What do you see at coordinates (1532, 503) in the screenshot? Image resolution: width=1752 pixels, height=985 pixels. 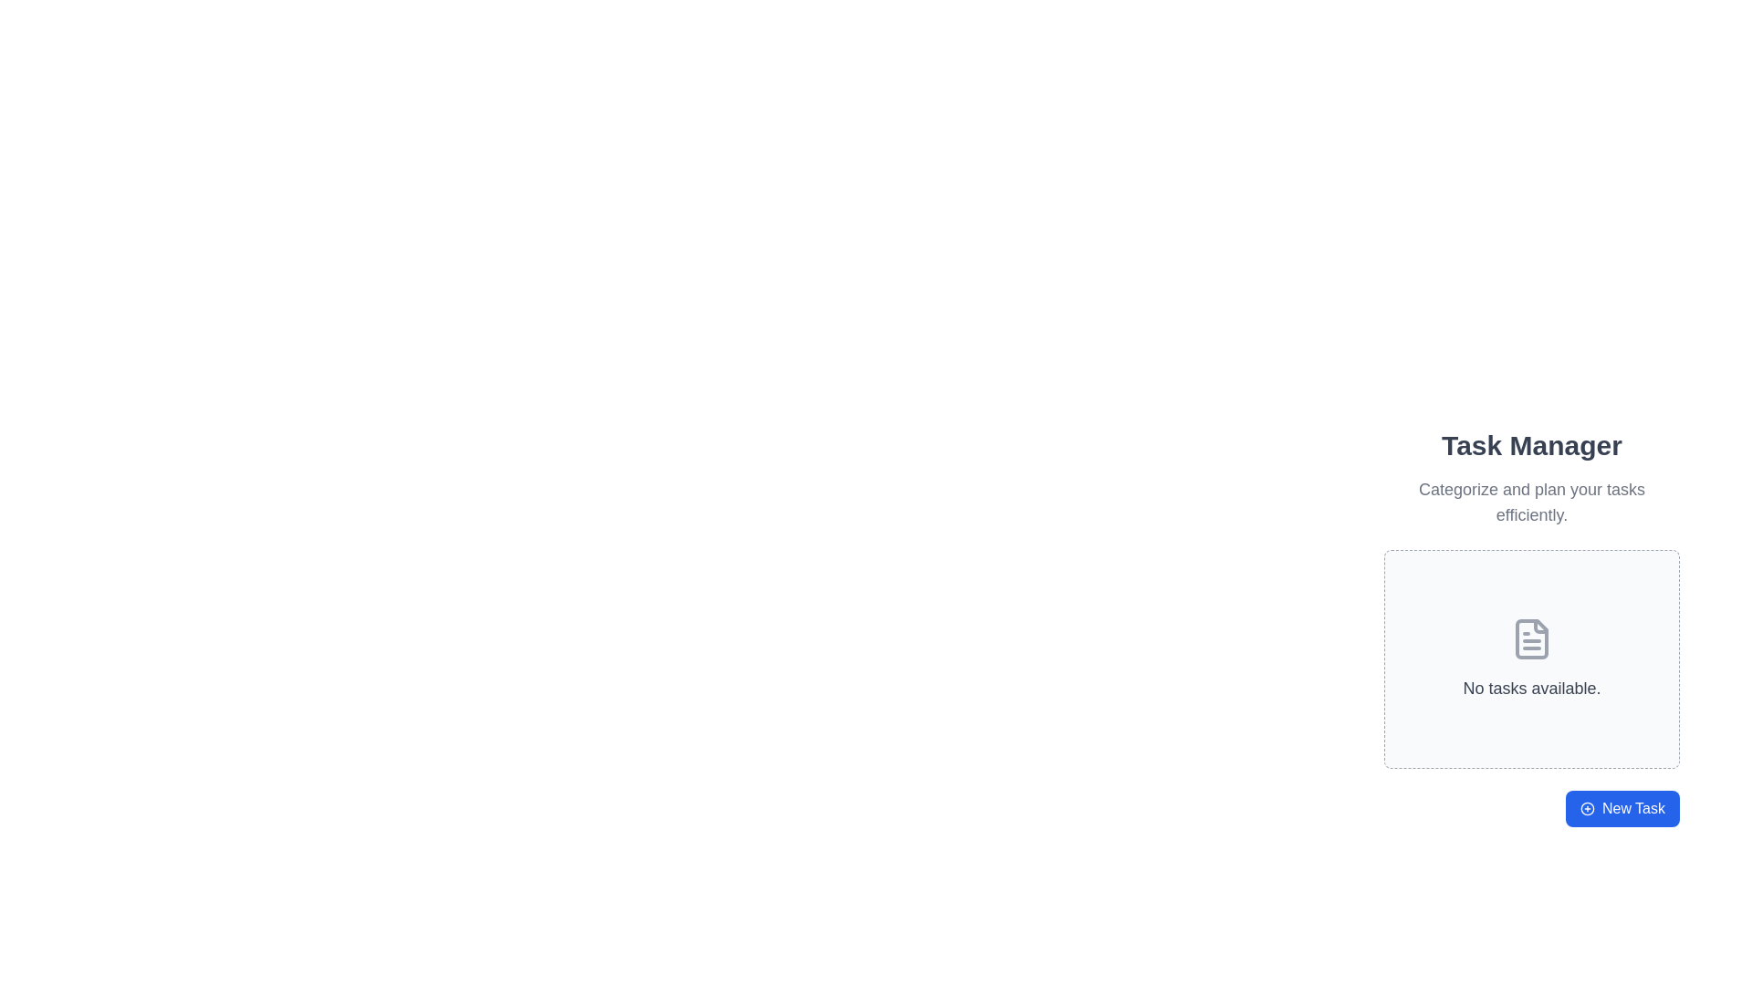 I see `the static text element that reads 'Categorize and plan your tasks efficiently.' which is styled in gray and positioned below the heading 'Task Manager.'` at bounding box center [1532, 503].